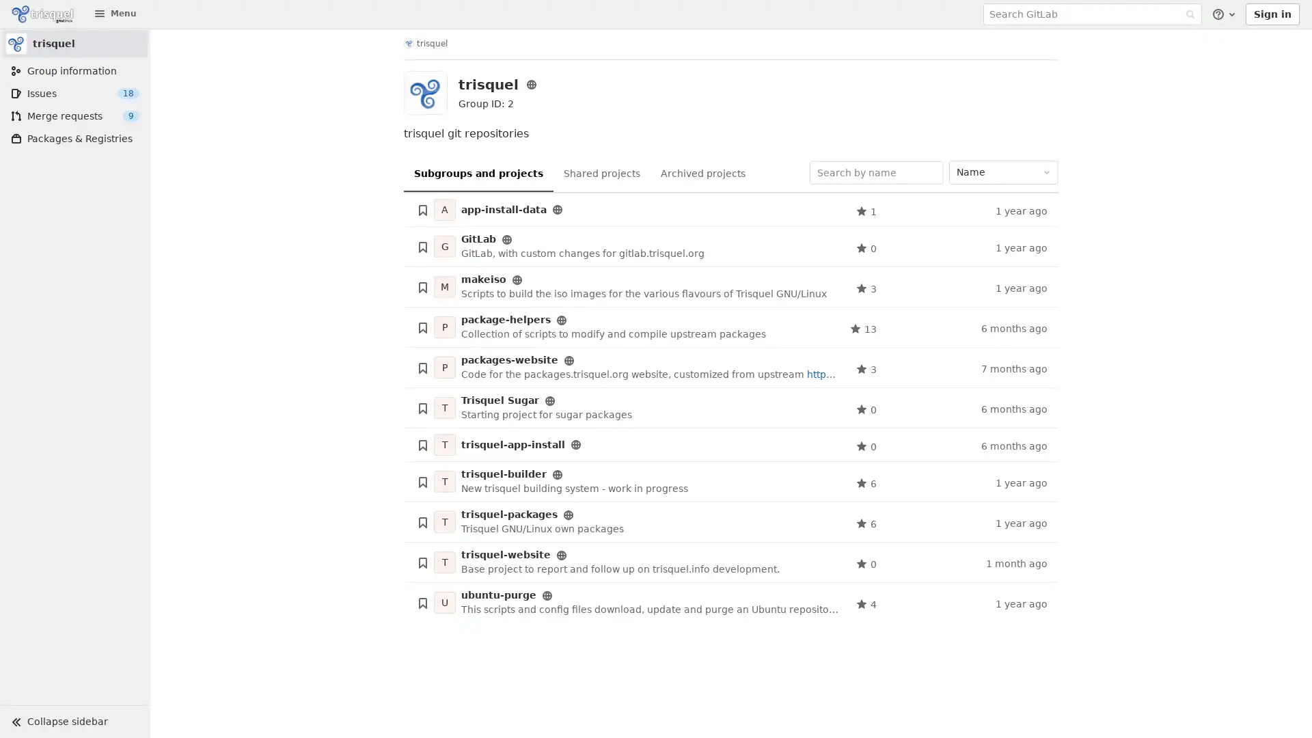 Image resolution: width=1312 pixels, height=738 pixels. I want to click on Name, so click(1003, 172).